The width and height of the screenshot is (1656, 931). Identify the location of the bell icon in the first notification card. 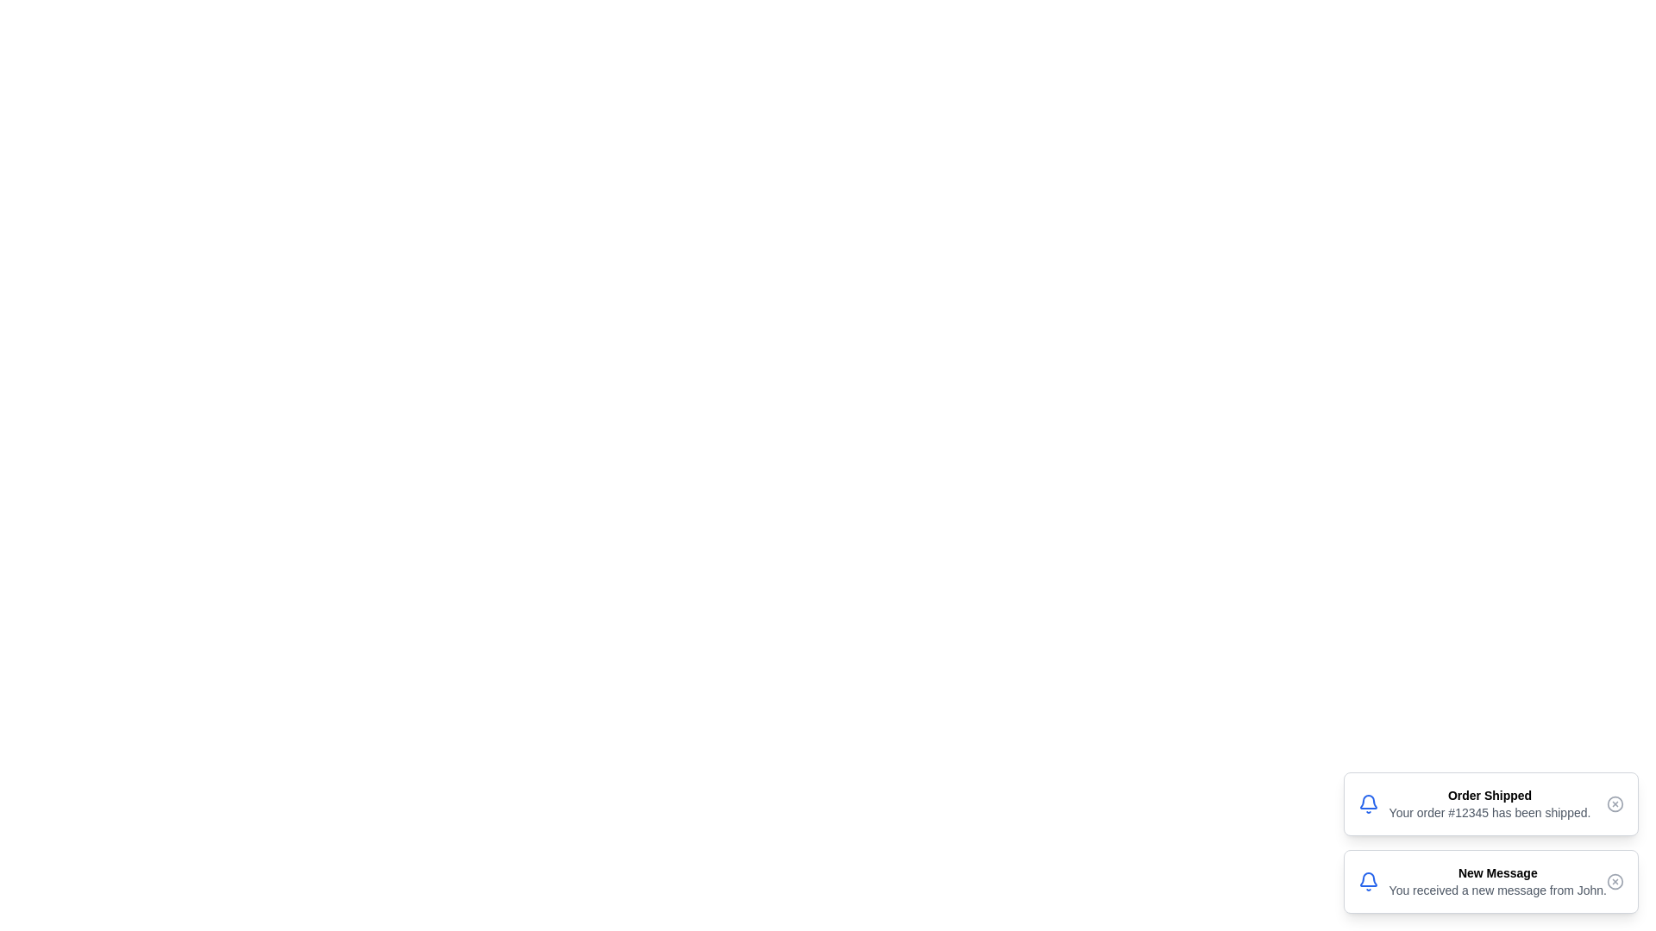
(1367, 804).